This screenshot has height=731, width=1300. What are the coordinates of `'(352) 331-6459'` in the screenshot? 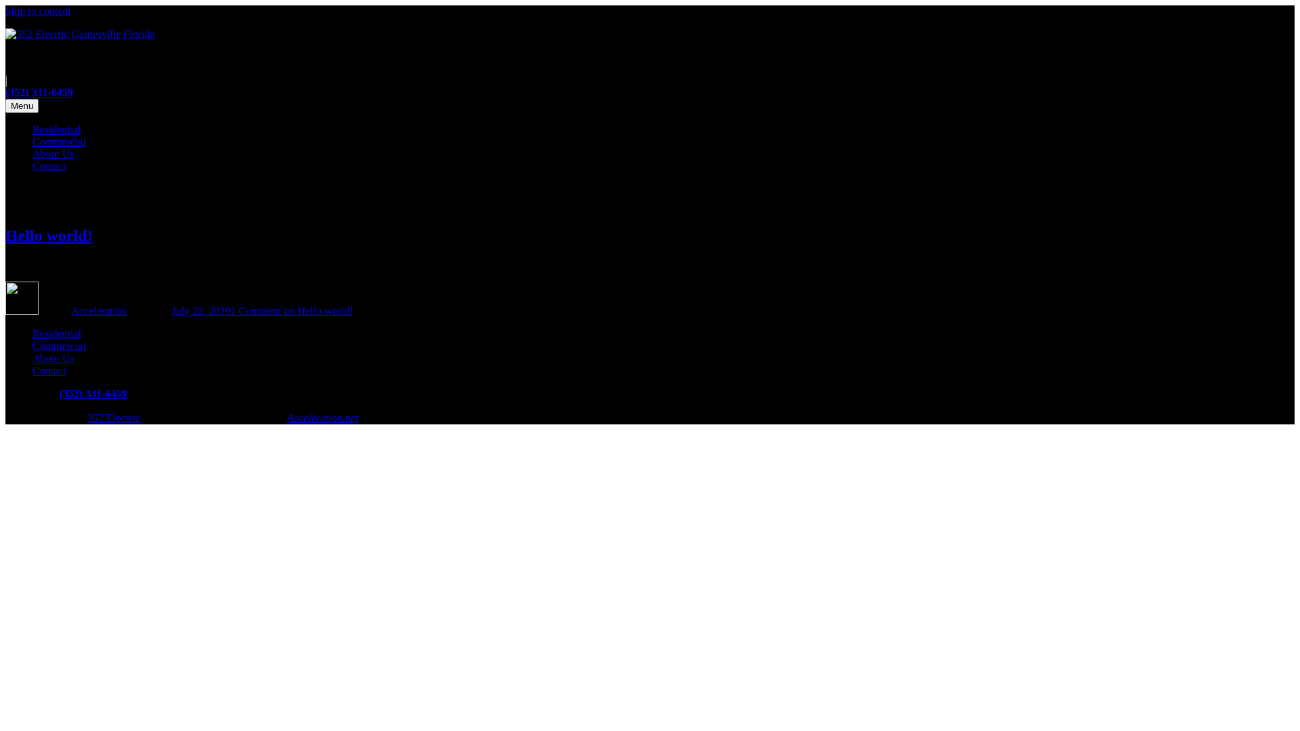 It's located at (39, 91).